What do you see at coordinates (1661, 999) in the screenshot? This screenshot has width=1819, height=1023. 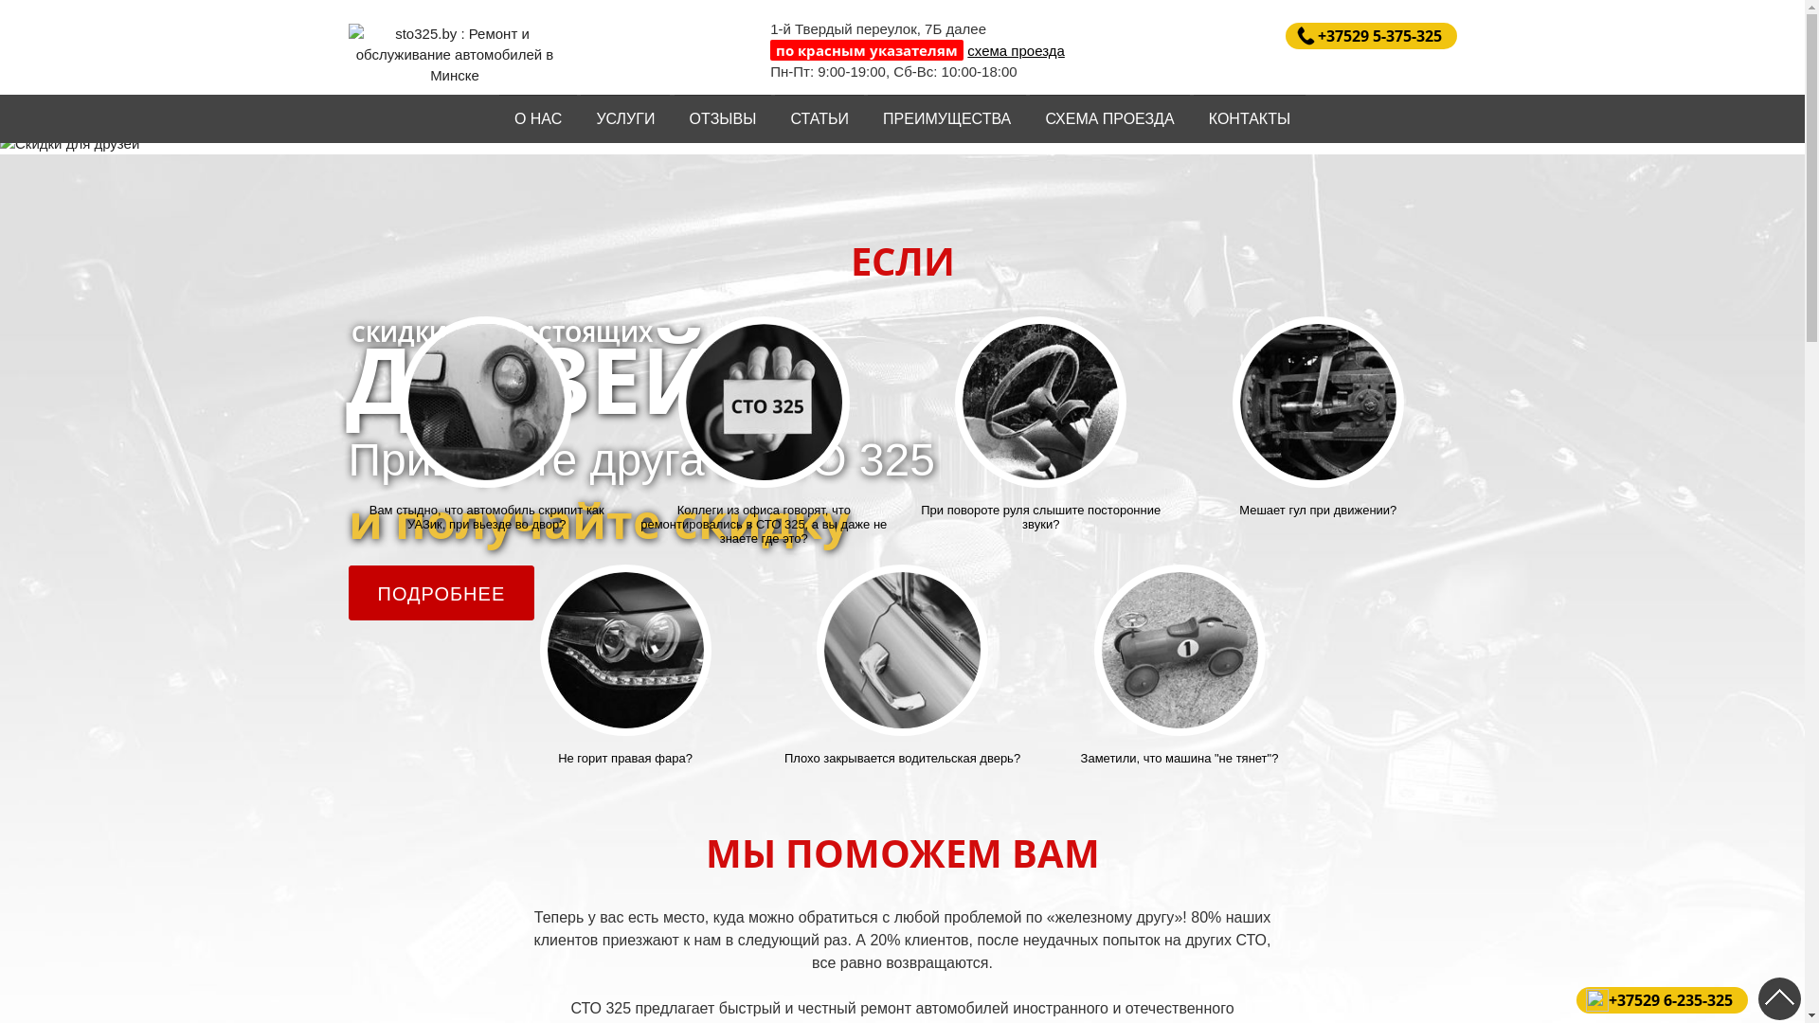 I see `'+37529 6-235-325'` at bounding box center [1661, 999].